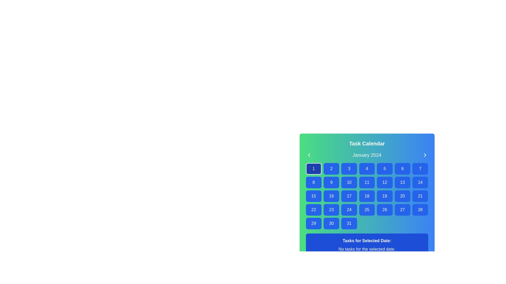 This screenshot has width=506, height=284. Describe the element at coordinates (314, 196) in the screenshot. I see `the blue button displaying the number '15' in the calendar layout` at that location.